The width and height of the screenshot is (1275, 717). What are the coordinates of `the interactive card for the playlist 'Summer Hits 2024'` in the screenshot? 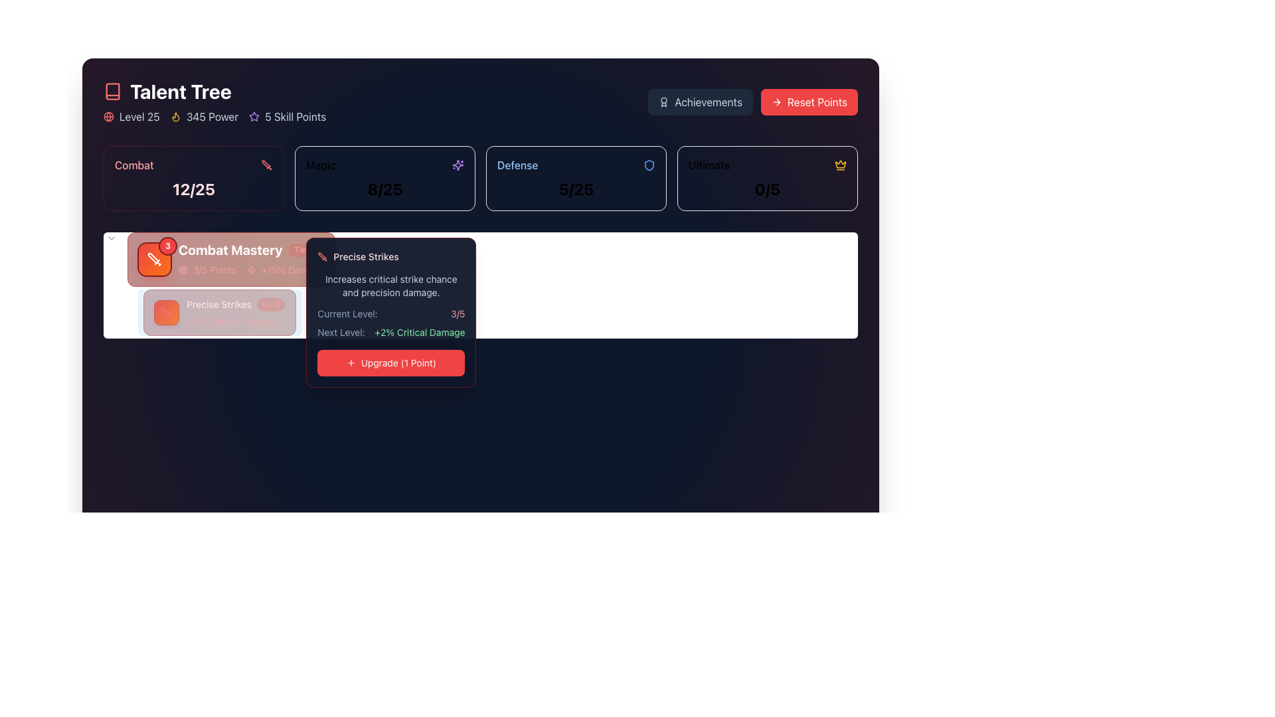 It's located at (297, 189).